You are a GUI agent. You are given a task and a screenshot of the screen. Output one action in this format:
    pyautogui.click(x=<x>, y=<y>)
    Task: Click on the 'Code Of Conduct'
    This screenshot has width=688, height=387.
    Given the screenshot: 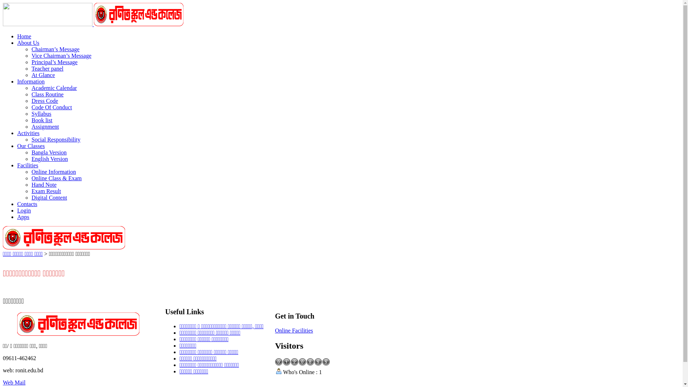 What is the action you would take?
    pyautogui.click(x=51, y=107)
    